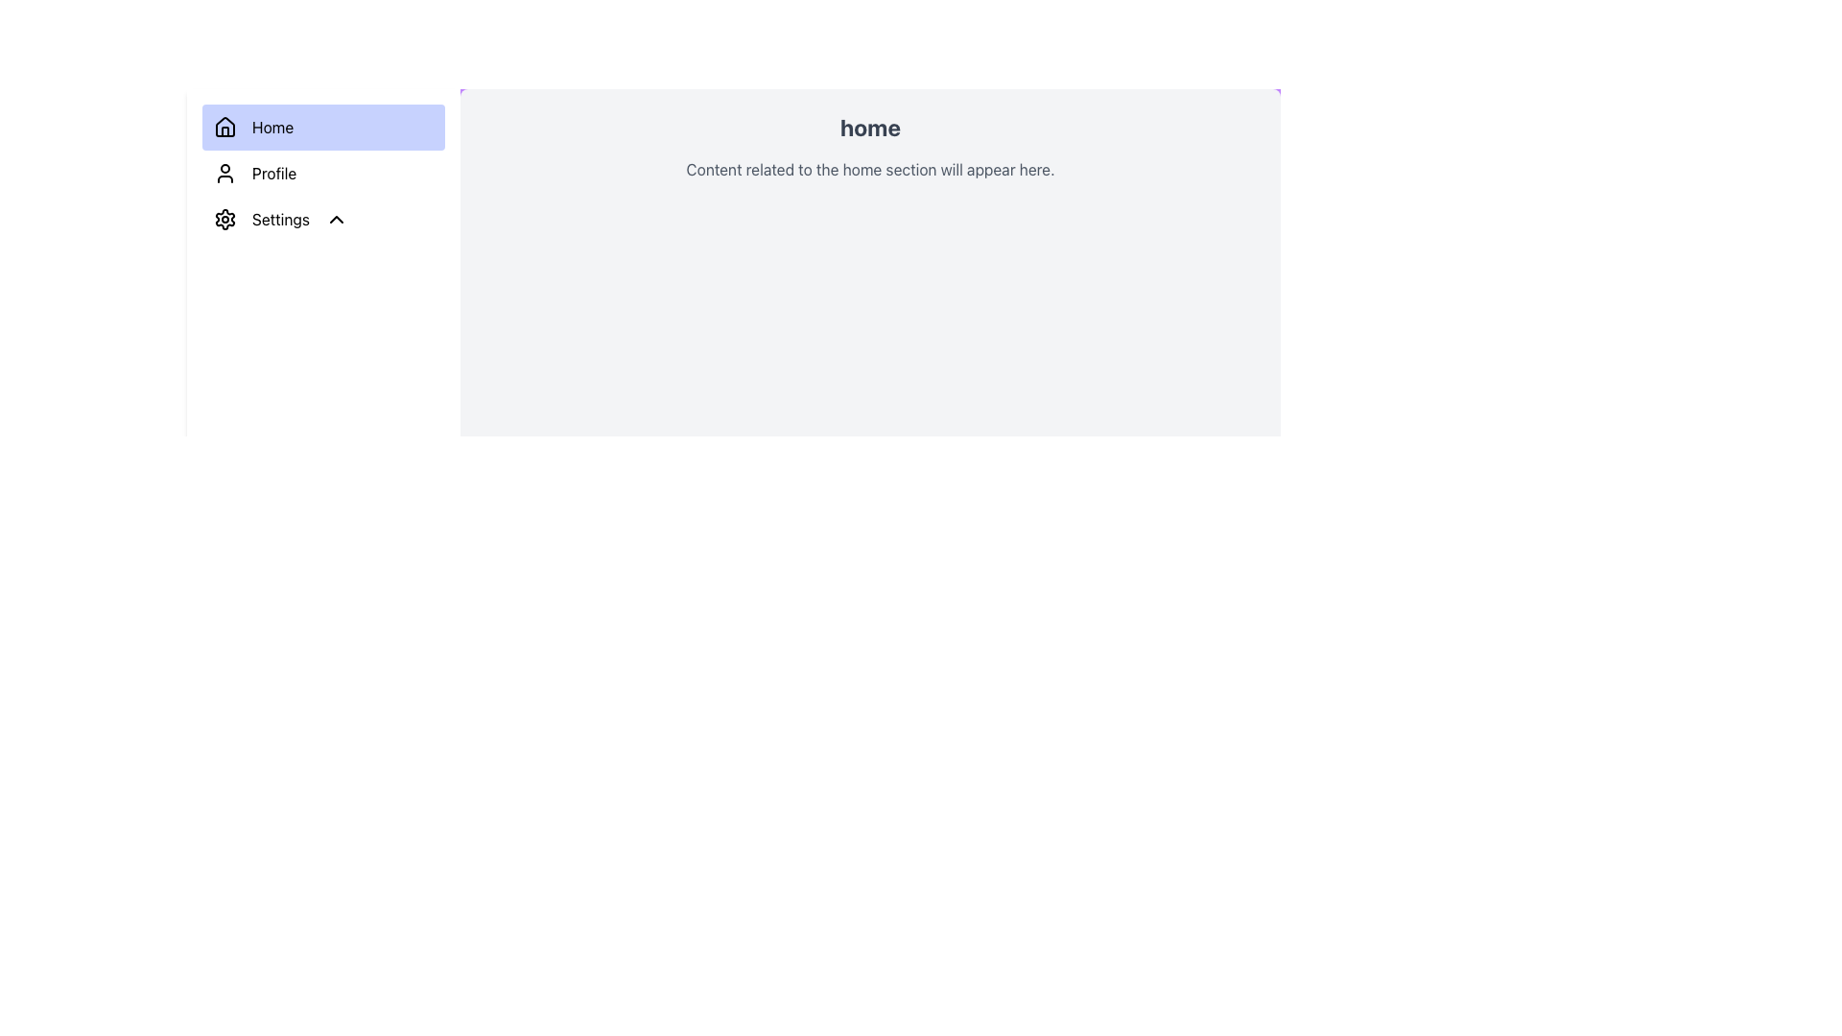 The width and height of the screenshot is (1842, 1036). Describe the element at coordinates (323, 127) in the screenshot. I see `the navigation button located at the top of the sidebar menu` at that location.